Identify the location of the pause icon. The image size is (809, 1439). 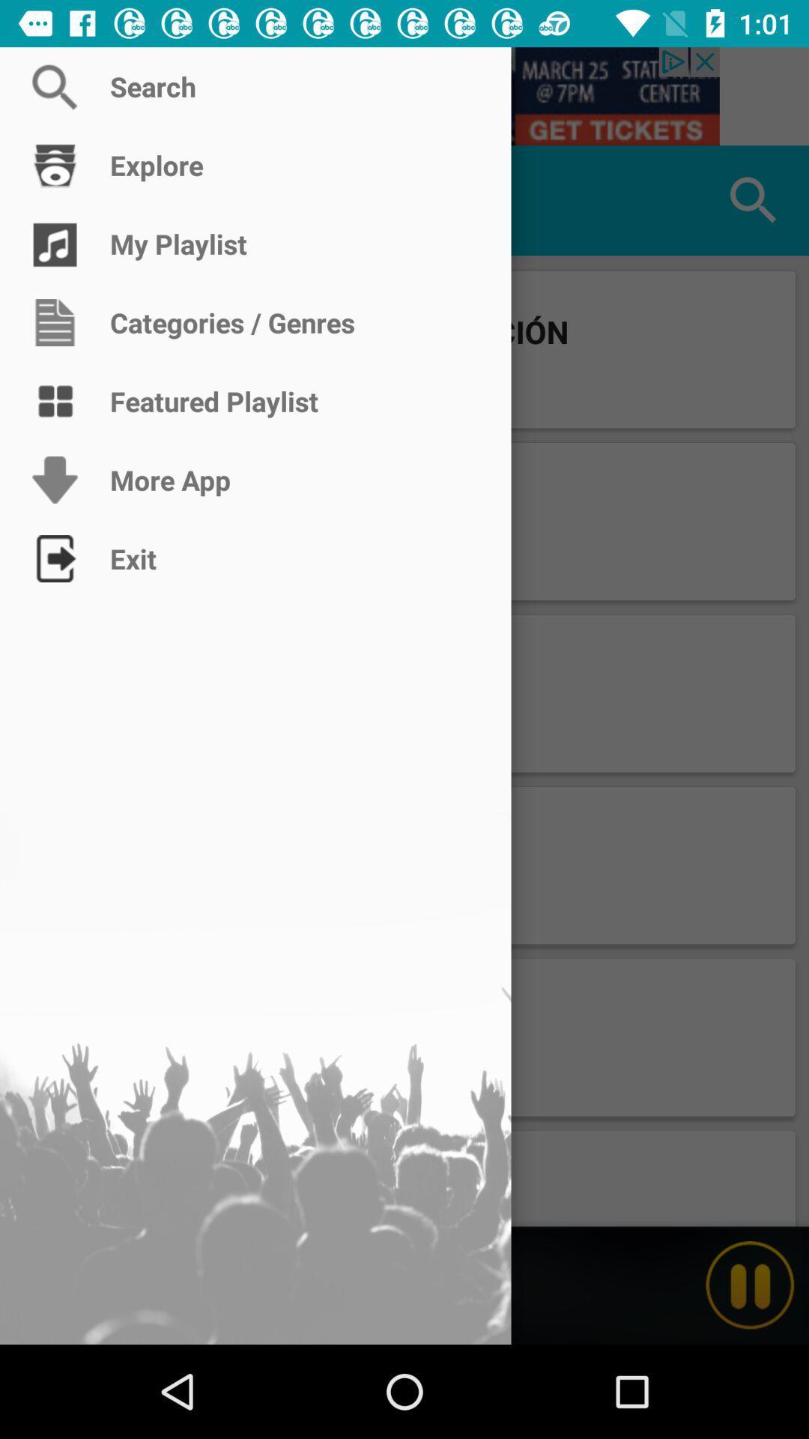
(750, 1285).